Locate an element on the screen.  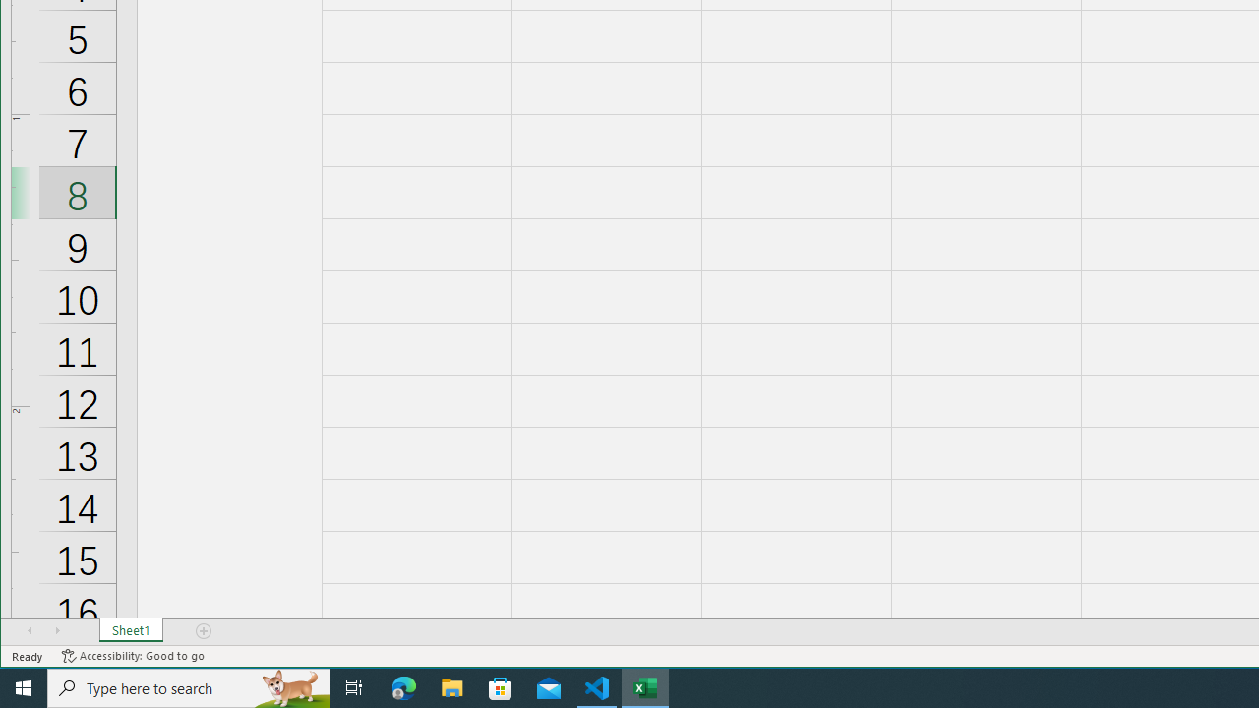
'Type here to search' is located at coordinates (189, 686).